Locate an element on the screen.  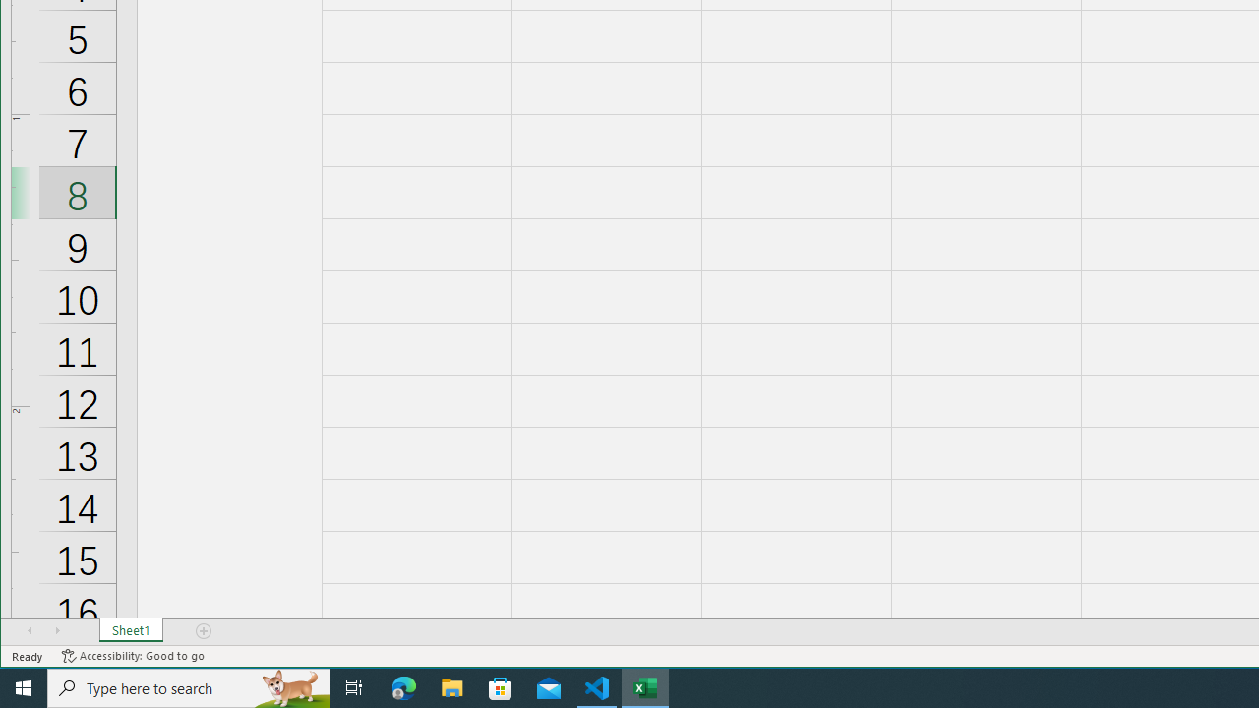
'Type here to search' is located at coordinates (189, 686).